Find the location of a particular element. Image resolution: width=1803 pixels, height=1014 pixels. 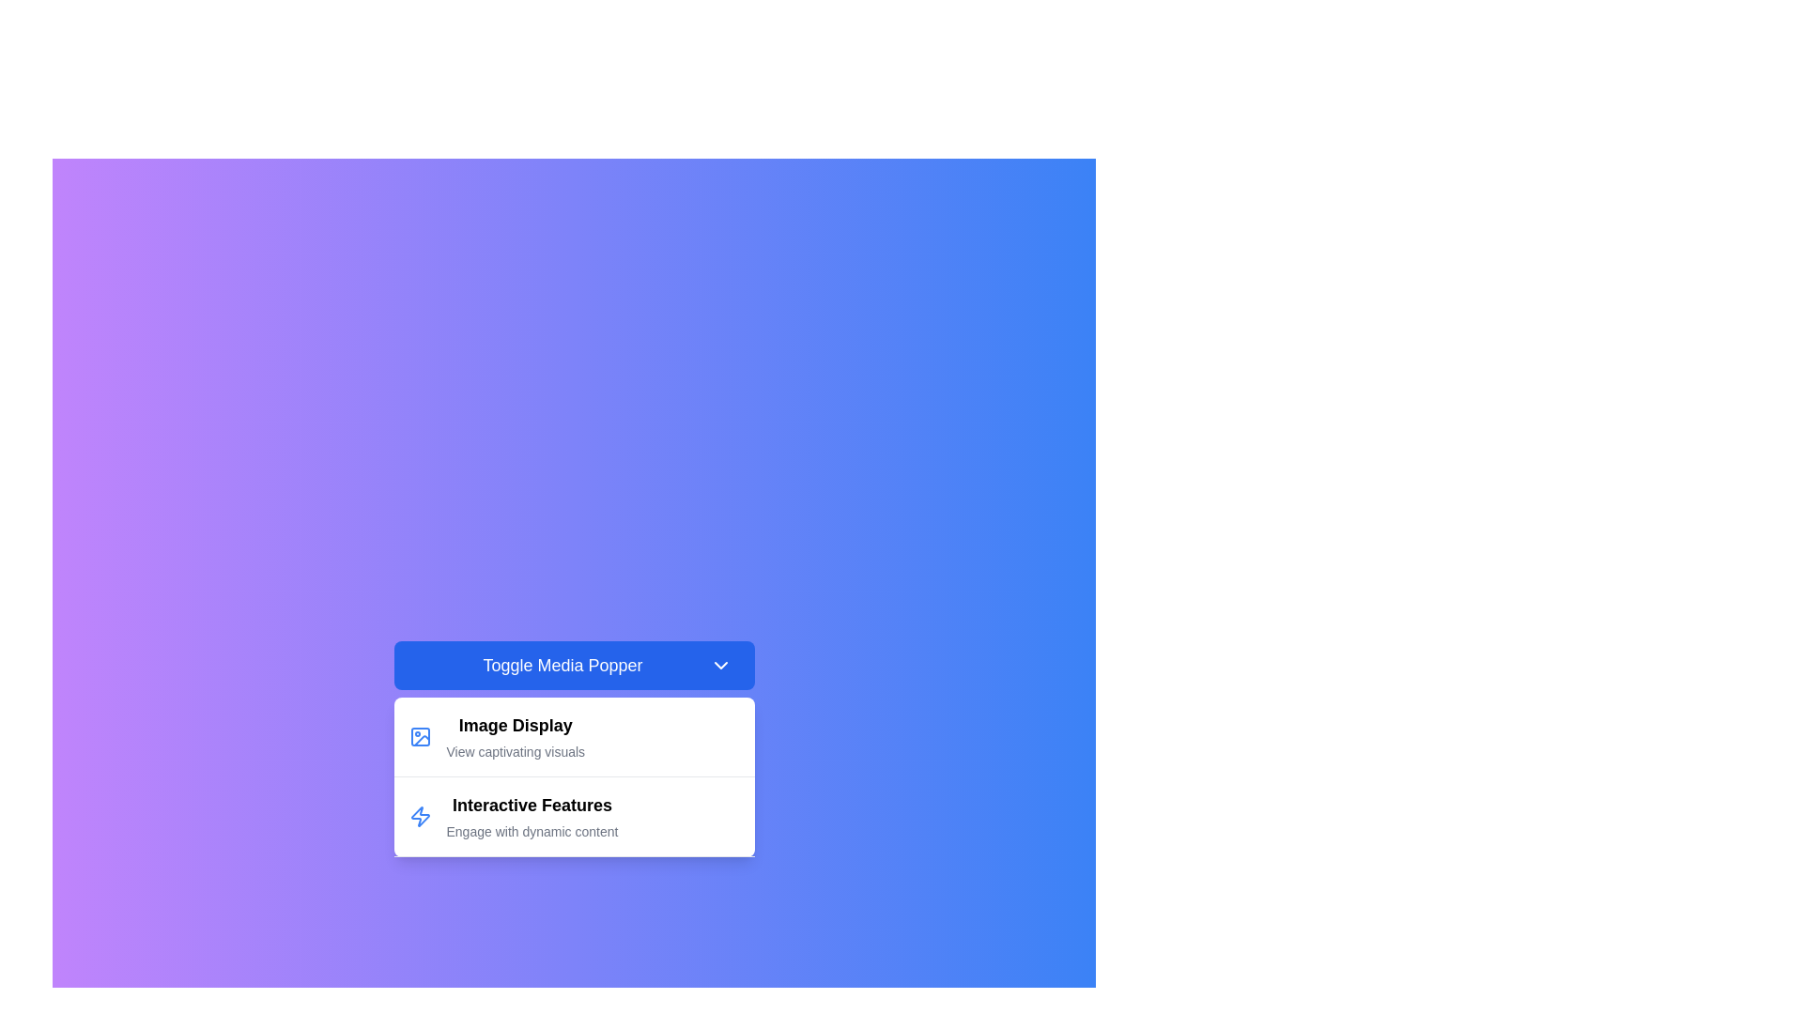

the 'Toggle Media Popper' text label within the blue button for visual feedback is located at coordinates (562, 665).